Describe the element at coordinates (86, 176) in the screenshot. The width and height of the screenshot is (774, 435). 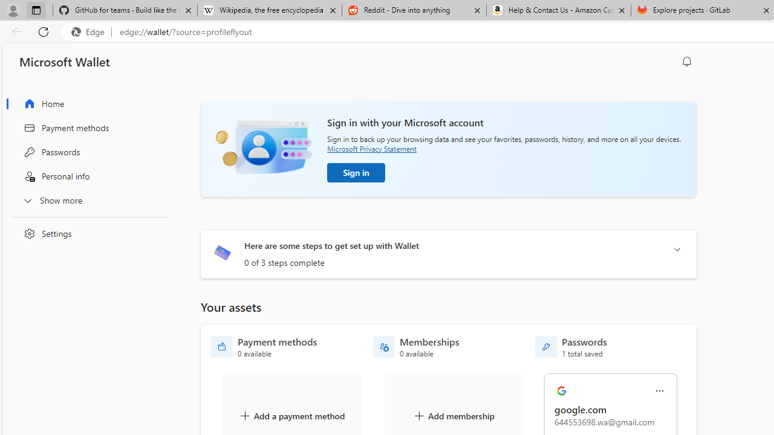
I see `'Personal info'` at that location.